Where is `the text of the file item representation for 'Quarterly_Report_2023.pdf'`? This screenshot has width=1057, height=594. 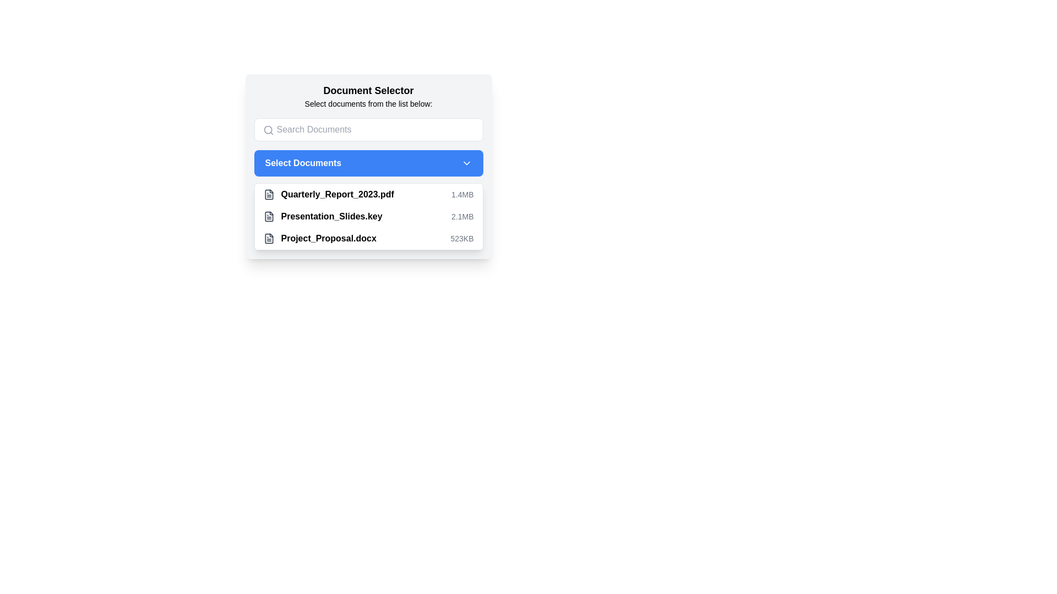 the text of the file item representation for 'Quarterly_Report_2023.pdf' is located at coordinates (328, 194).